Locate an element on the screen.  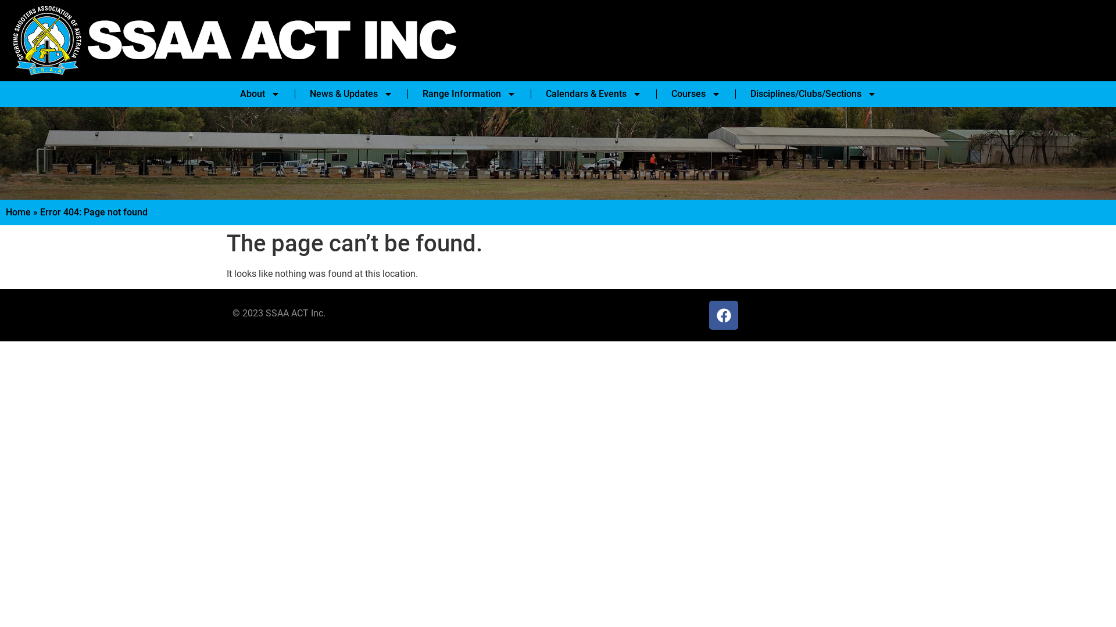
'About' is located at coordinates (259, 93).